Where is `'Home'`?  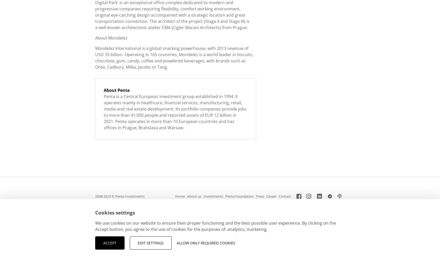 'Home' is located at coordinates (180, 196).